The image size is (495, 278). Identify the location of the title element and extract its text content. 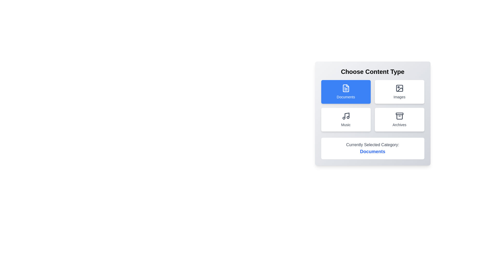
(373, 72).